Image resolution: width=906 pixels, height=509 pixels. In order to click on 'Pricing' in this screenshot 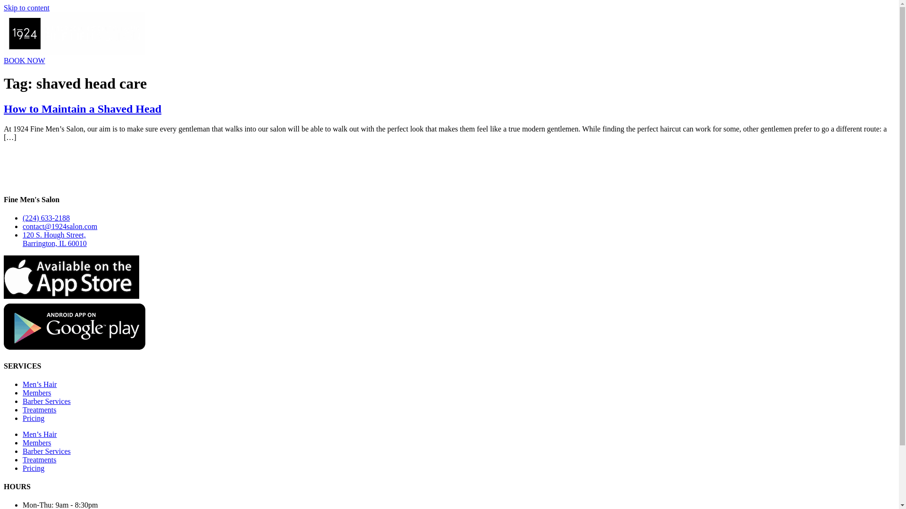, I will do `click(34, 418)`.